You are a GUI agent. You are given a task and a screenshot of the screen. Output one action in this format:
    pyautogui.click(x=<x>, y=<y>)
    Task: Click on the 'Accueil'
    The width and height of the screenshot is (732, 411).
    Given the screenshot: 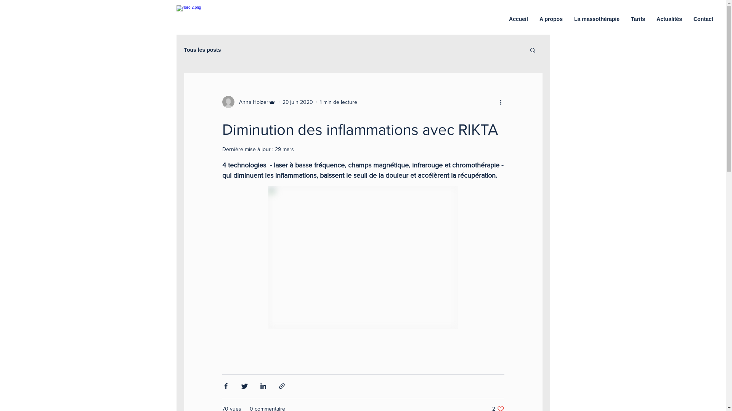 What is the action you would take?
    pyautogui.click(x=518, y=19)
    